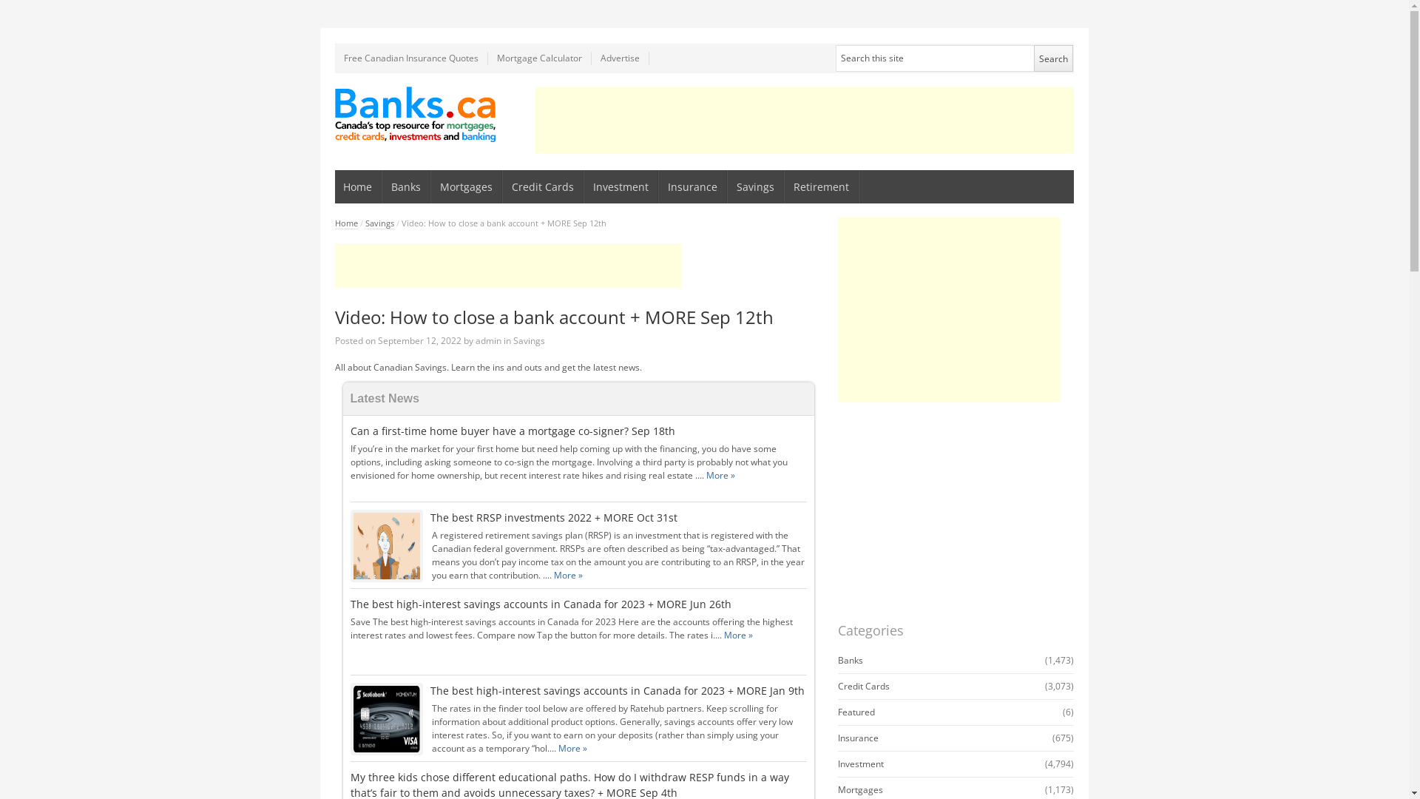 The image size is (1420, 799). What do you see at coordinates (529, 340) in the screenshot?
I see `'Savings'` at bounding box center [529, 340].